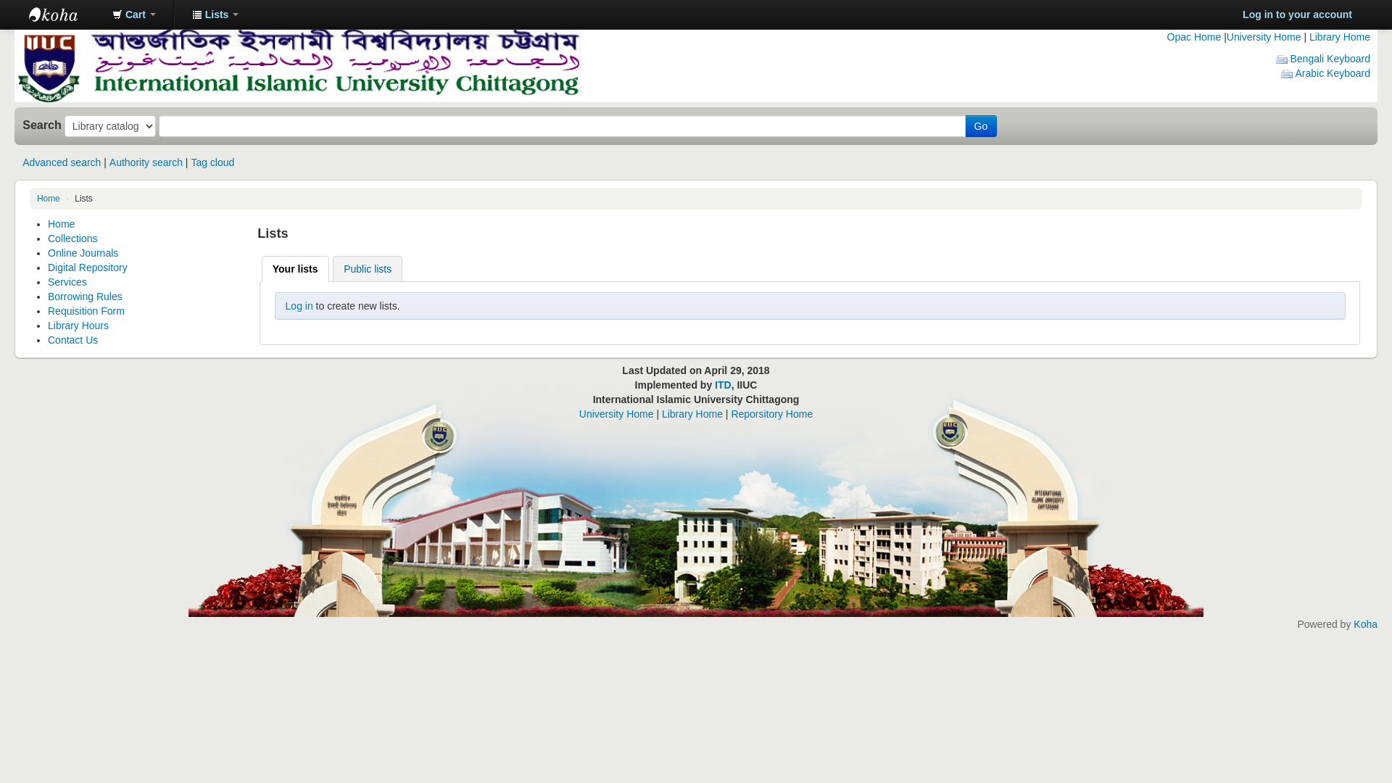 The image size is (1392, 783). I want to click on 'Home', so click(37, 198).